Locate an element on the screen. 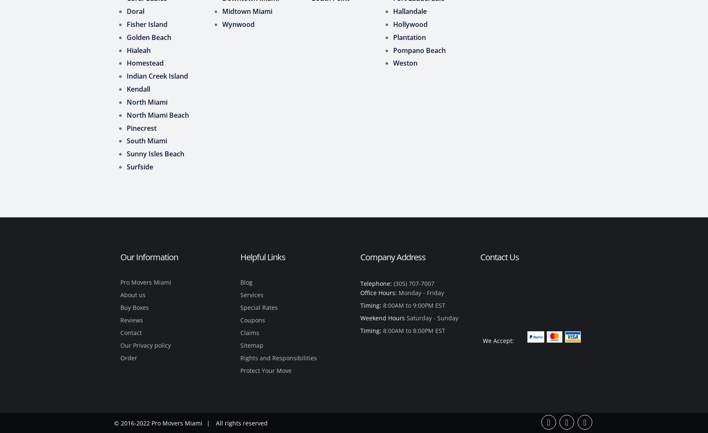 The width and height of the screenshot is (708, 433). 'Hollywood' is located at coordinates (410, 24).